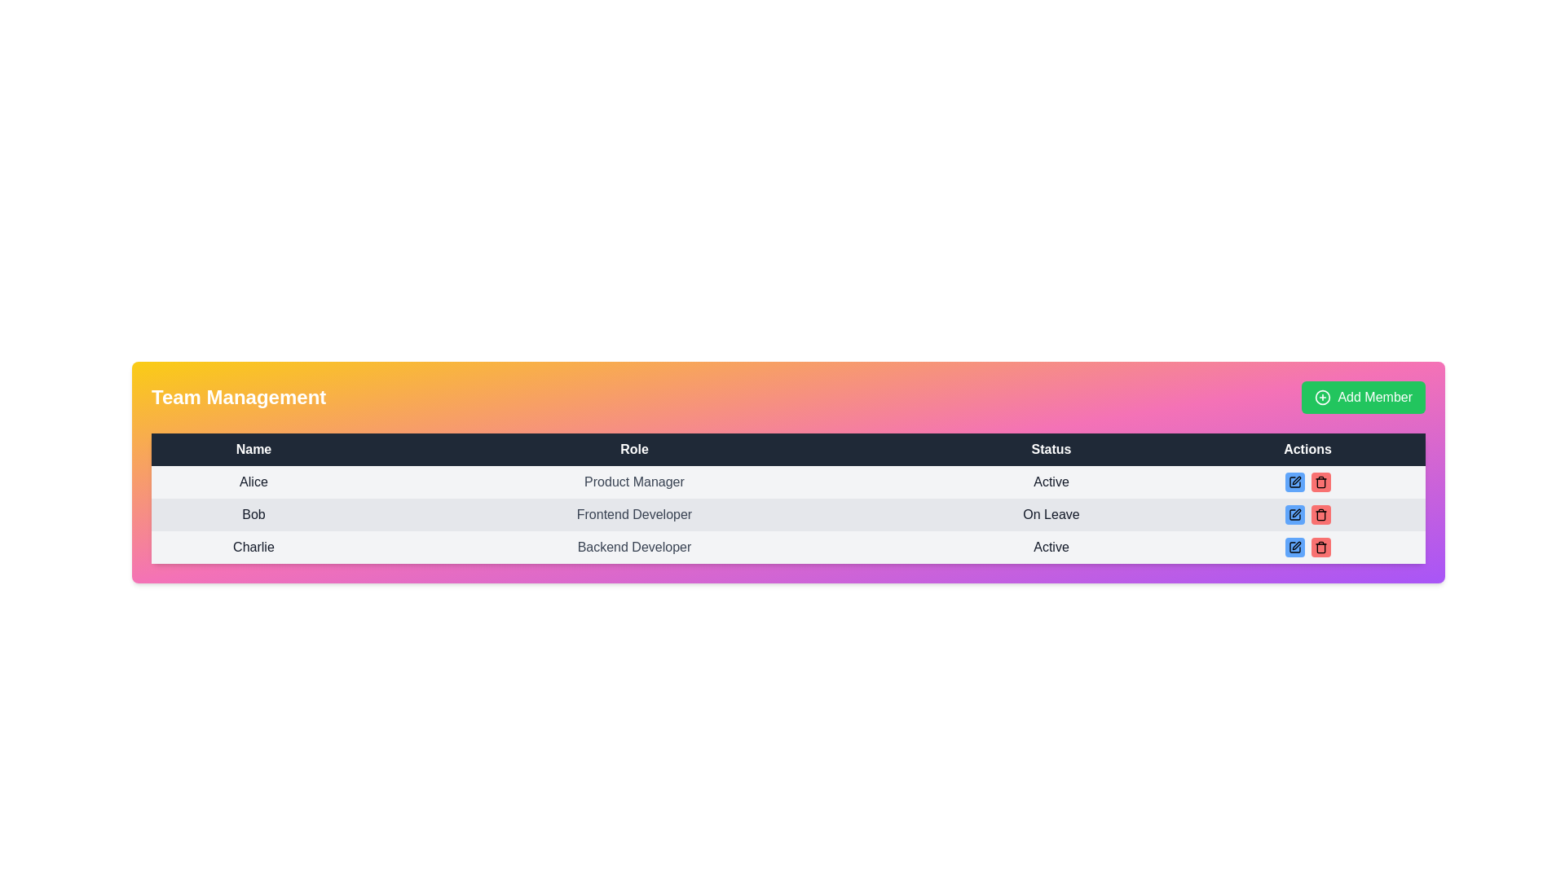 The height and width of the screenshot is (880, 1565). What do you see at coordinates (1320, 515) in the screenshot?
I see `the delete button in the Actions column of the second row of the table` at bounding box center [1320, 515].